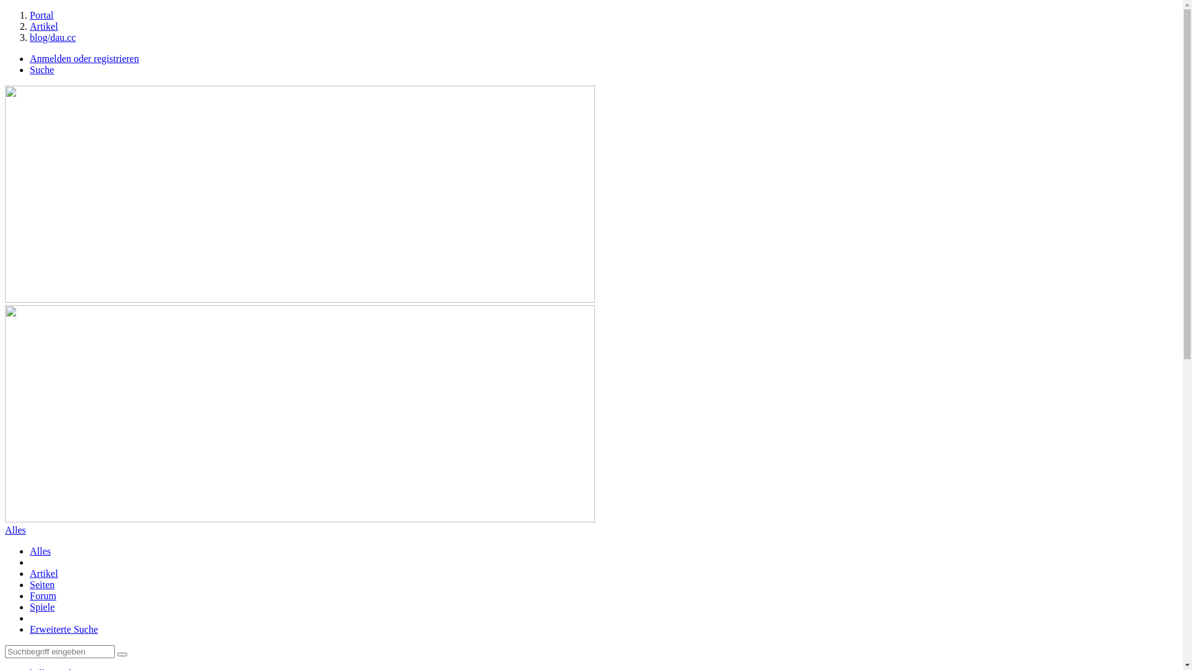 The image size is (1192, 670). I want to click on 'Artikel', so click(43, 26).